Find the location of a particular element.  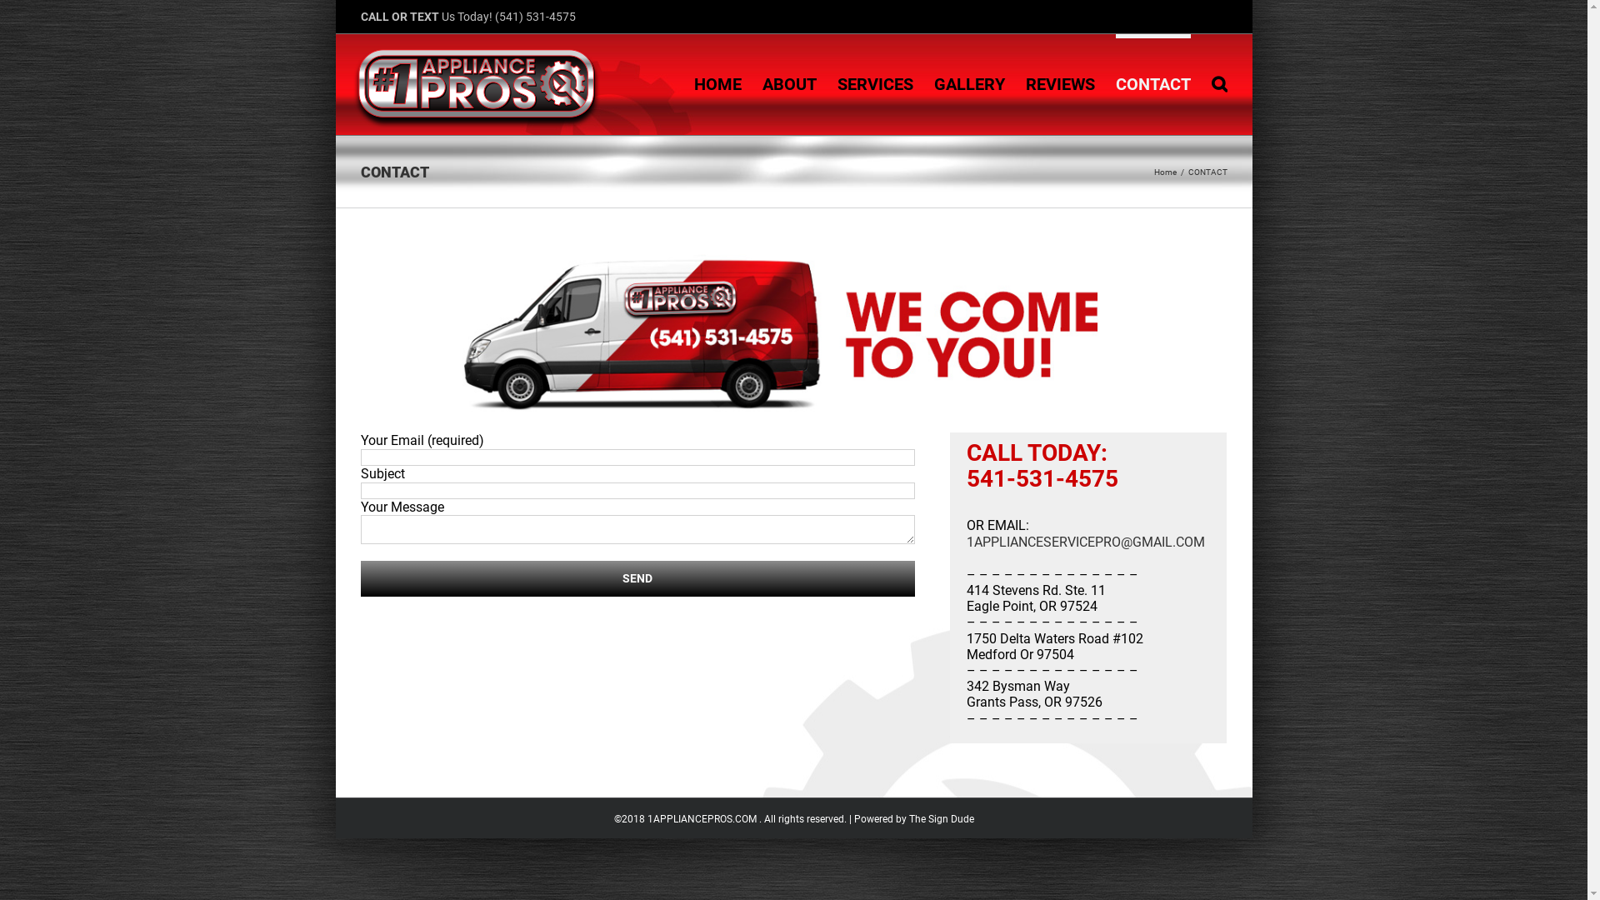

'SERVICES' is located at coordinates (873, 82).